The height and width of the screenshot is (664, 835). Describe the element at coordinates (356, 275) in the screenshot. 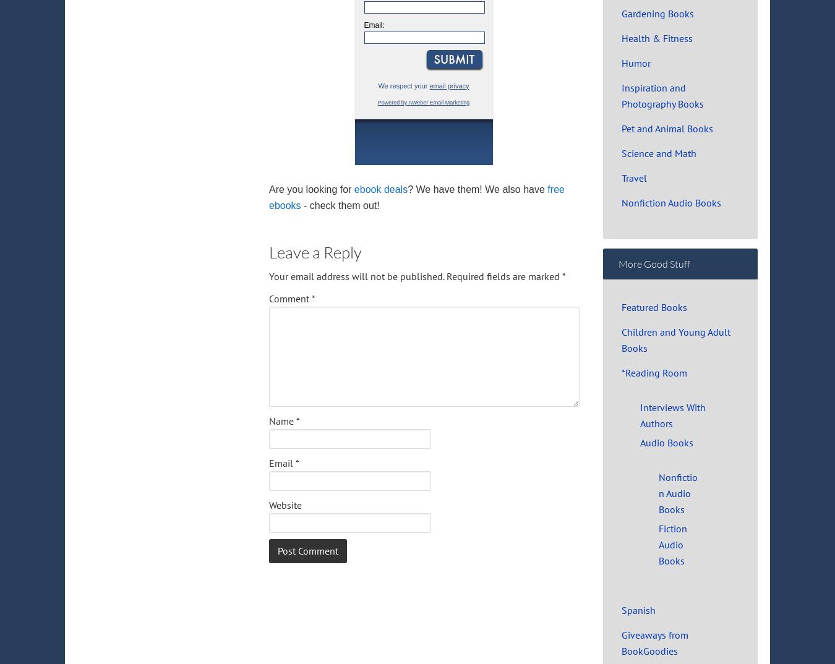

I see `'Your email address will not be published.'` at that location.